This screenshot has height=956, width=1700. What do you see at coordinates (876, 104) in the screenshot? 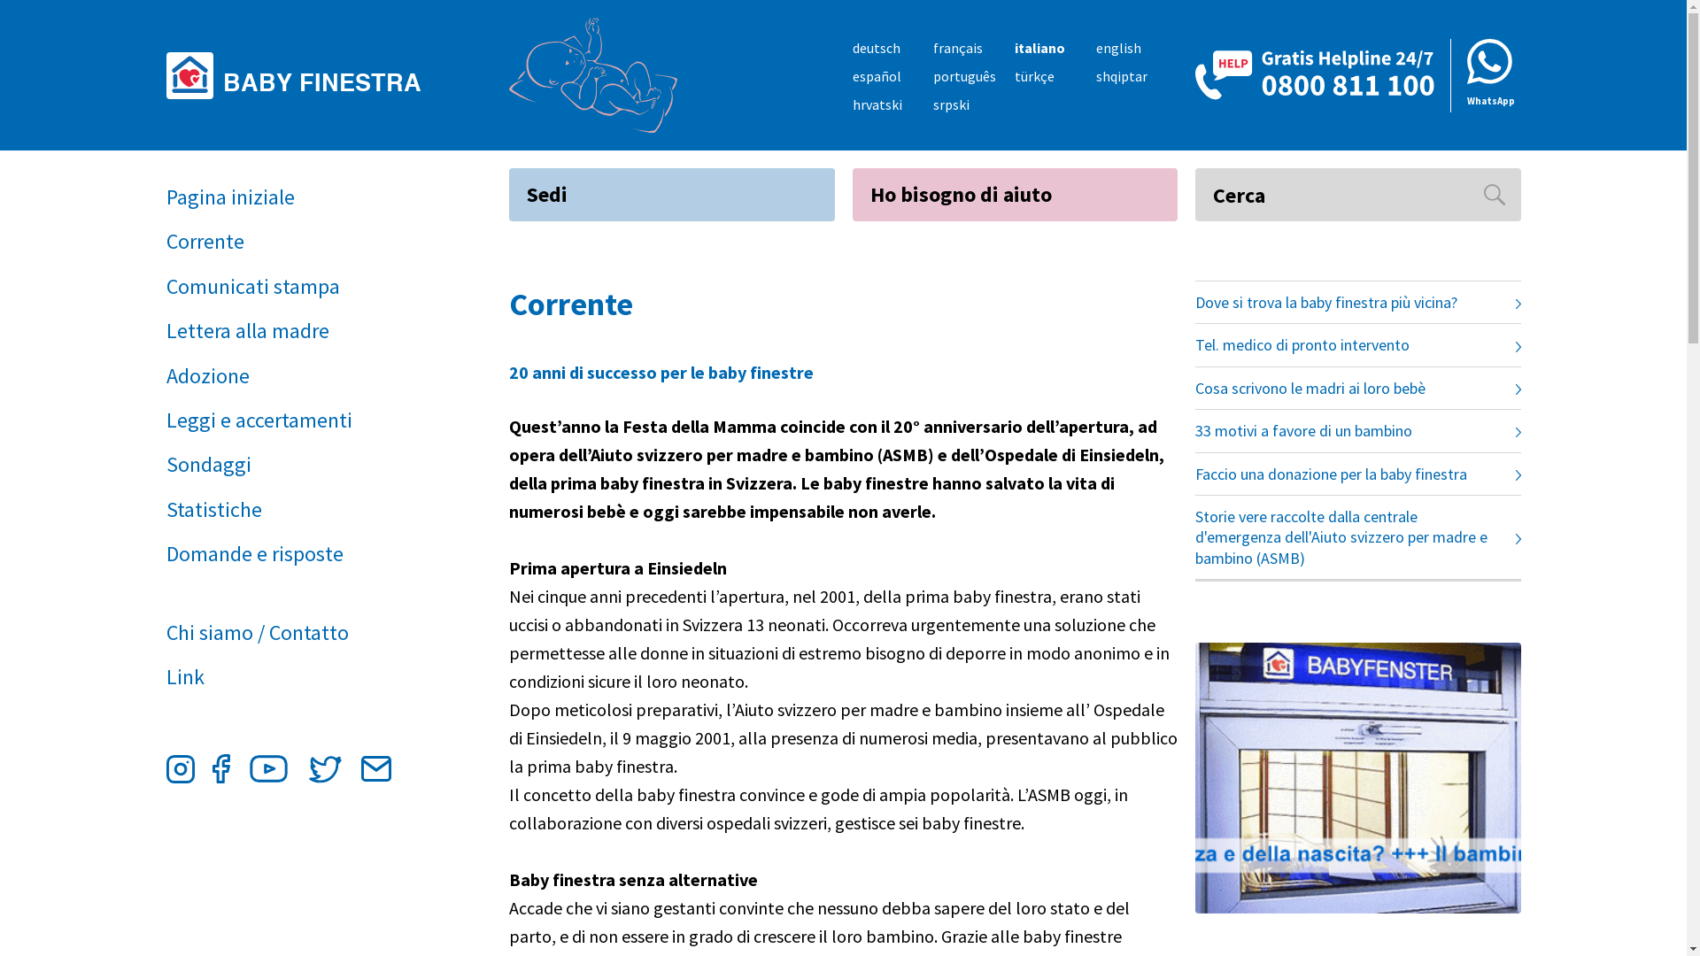
I see `'hrvatski'` at bounding box center [876, 104].